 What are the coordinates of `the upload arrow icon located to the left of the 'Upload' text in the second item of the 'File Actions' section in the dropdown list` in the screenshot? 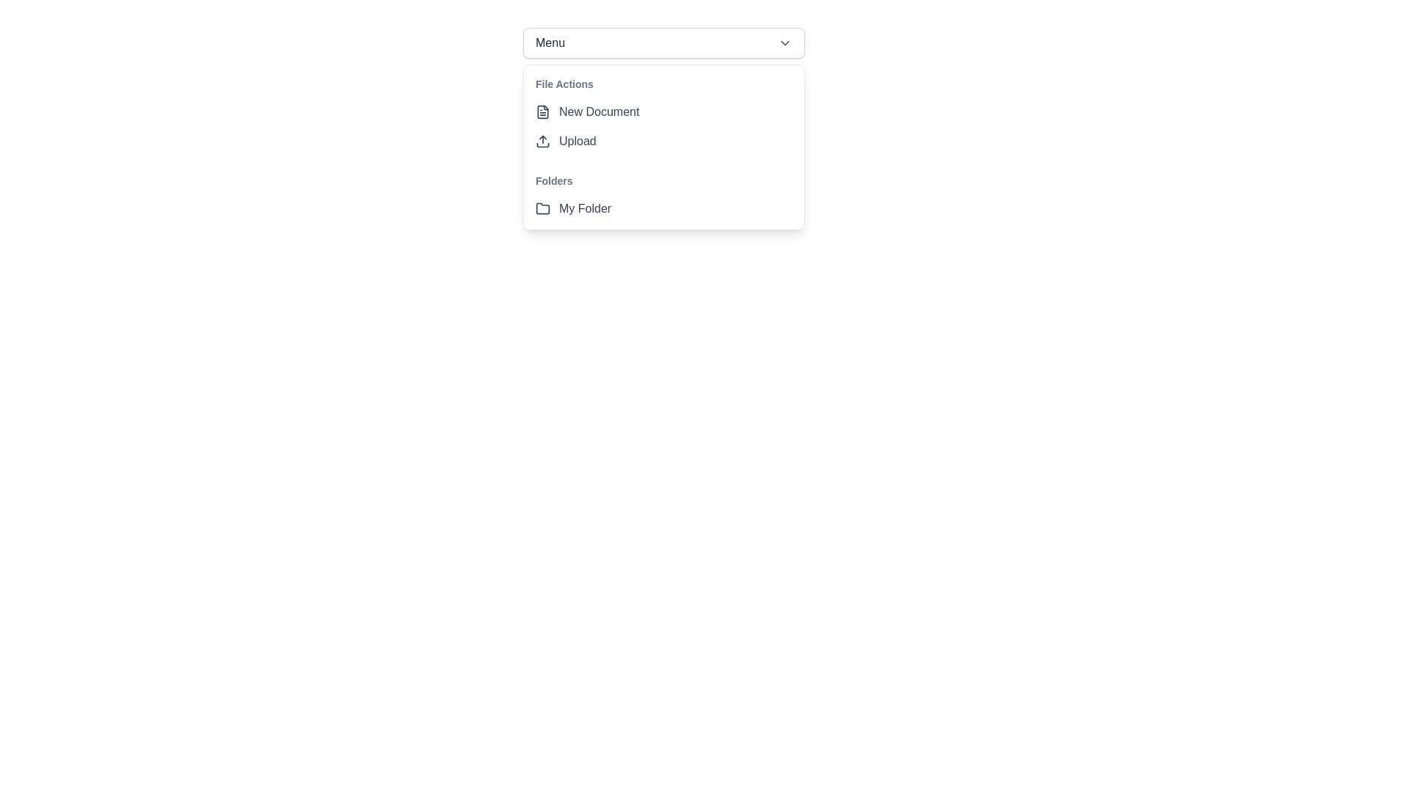 It's located at (542, 141).